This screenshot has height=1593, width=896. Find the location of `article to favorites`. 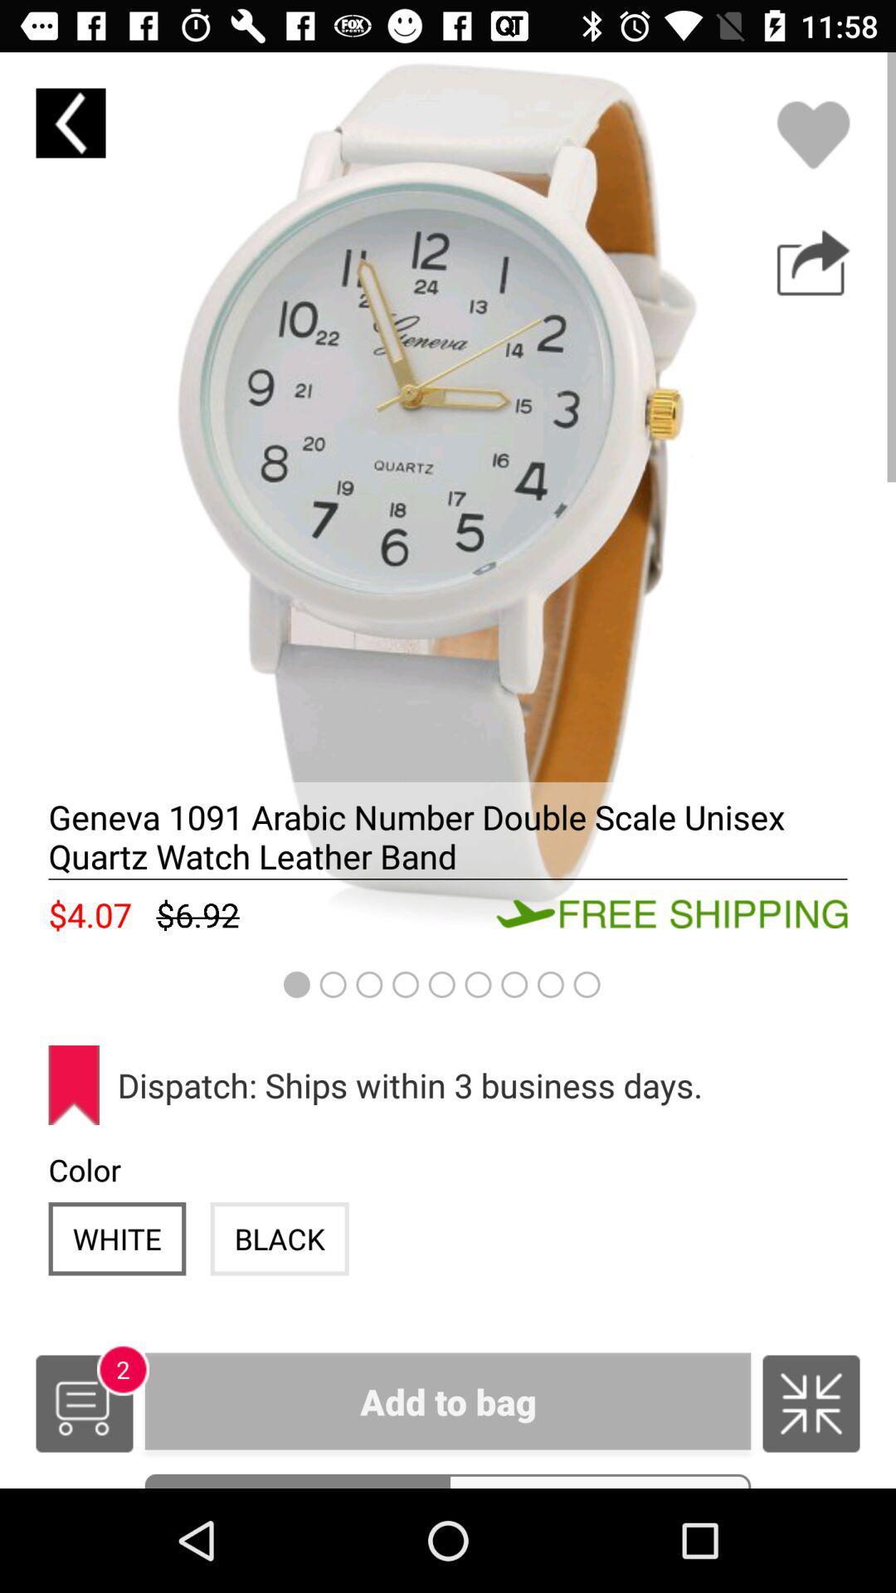

article to favorites is located at coordinates (812, 134).